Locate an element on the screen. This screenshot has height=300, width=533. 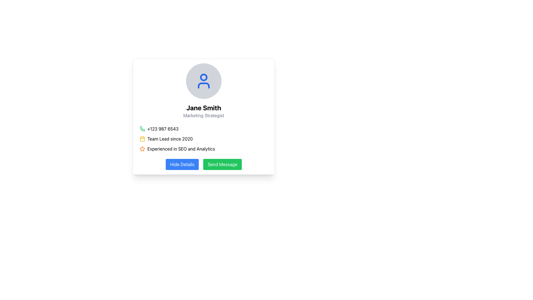
curved line forming the bottom part of the user profile silhouette icon, which is styled in blue and located centrally at the top of the user profile card for debugging is located at coordinates (203, 86).